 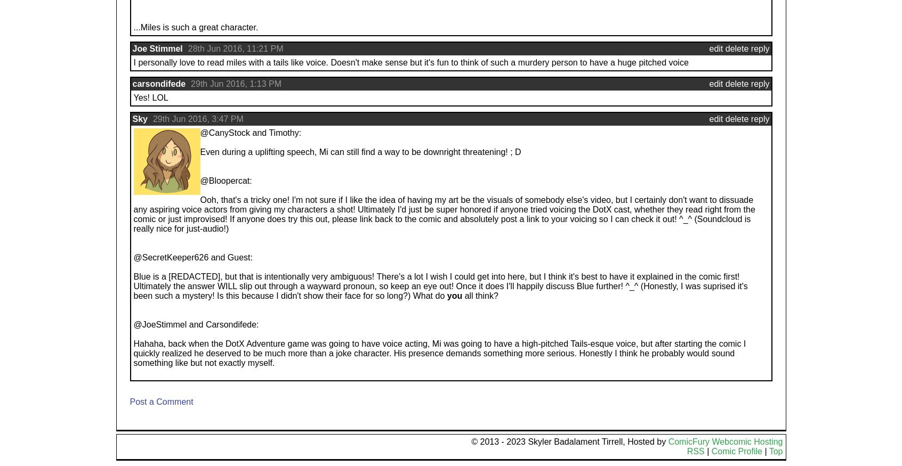 What do you see at coordinates (454, 295) in the screenshot?
I see `'you'` at bounding box center [454, 295].